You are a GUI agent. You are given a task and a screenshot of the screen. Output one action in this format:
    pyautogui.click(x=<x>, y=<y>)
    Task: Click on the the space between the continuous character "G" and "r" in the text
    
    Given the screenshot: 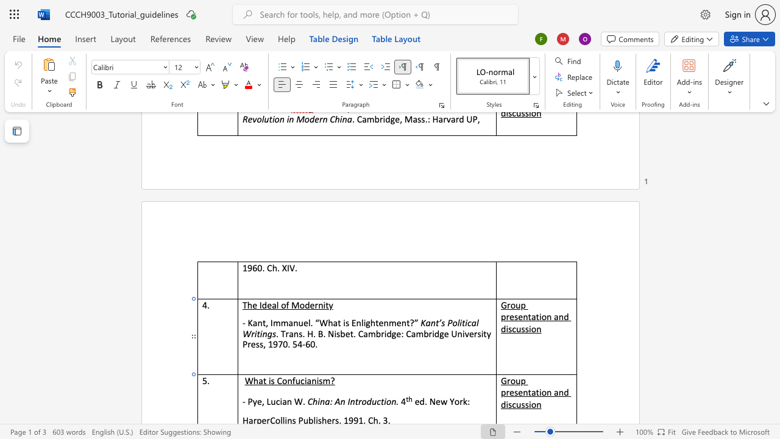 What is the action you would take?
    pyautogui.click(x=506, y=304)
    